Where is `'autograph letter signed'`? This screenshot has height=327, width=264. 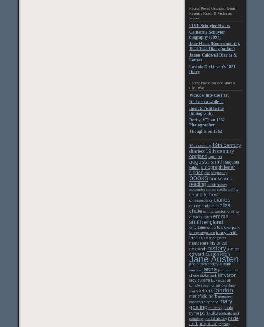 'autograph letter signed' is located at coordinates (212, 169).